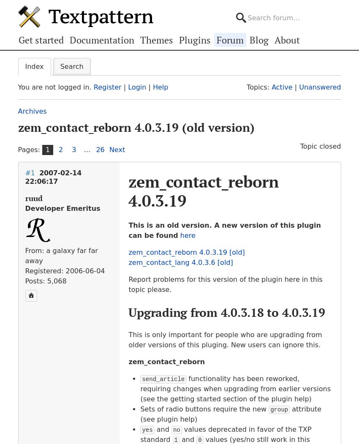 This screenshot has height=444, width=359. Describe the element at coordinates (17, 150) in the screenshot. I see `'Pages:'` at that location.